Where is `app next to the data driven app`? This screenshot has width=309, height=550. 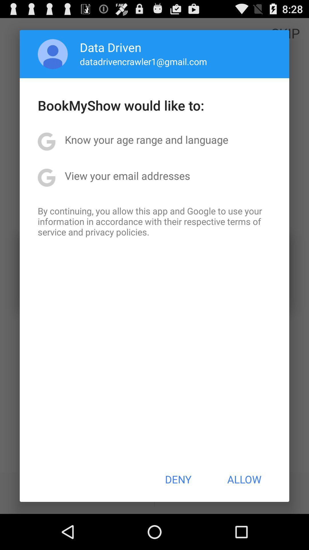
app next to the data driven app is located at coordinates (53, 54).